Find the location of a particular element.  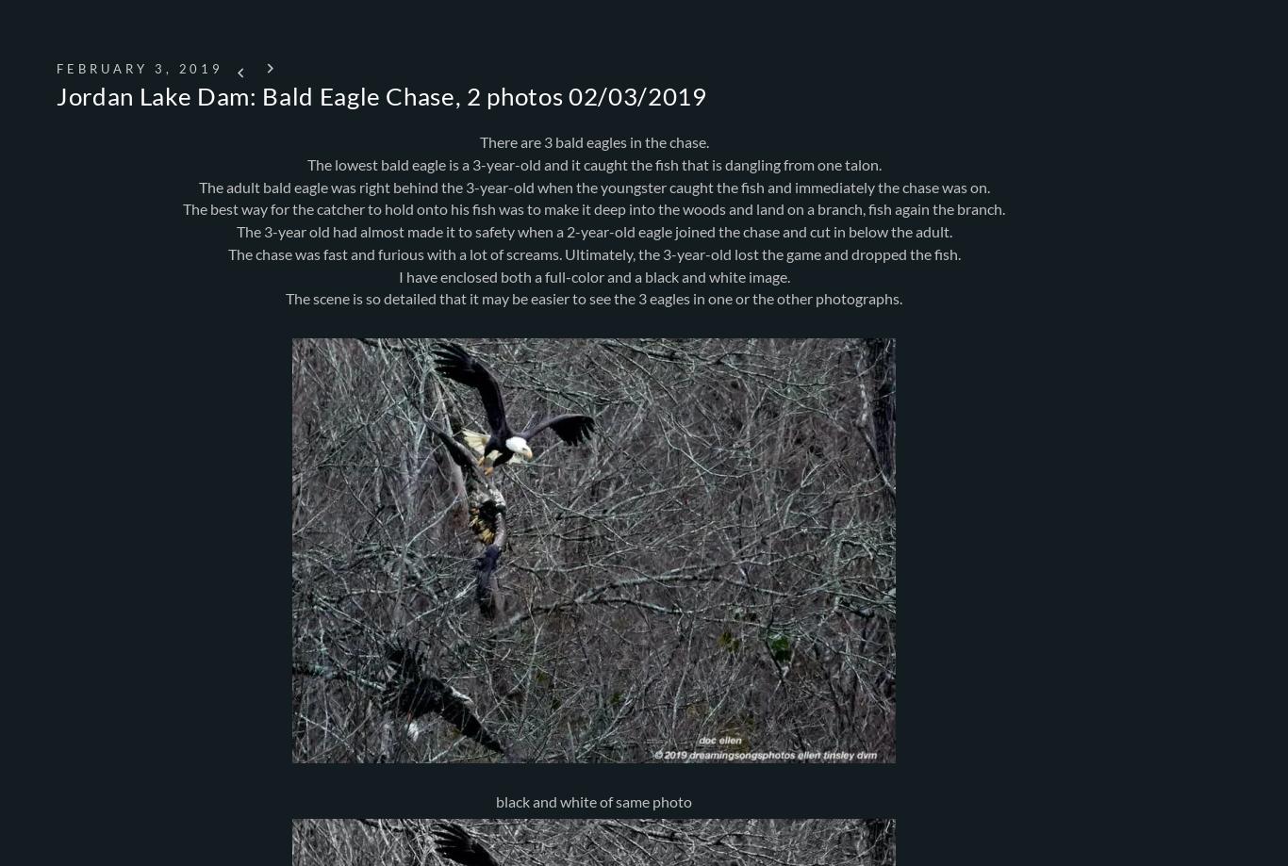

'The scene is so detailed that it may be easier to see the 3 eagles in one or the other photographs.' is located at coordinates (285, 297).